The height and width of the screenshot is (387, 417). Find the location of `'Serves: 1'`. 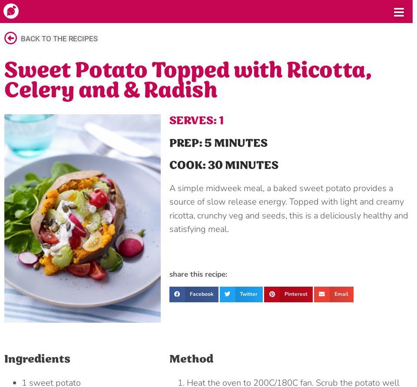

'Serves: 1' is located at coordinates (196, 120).